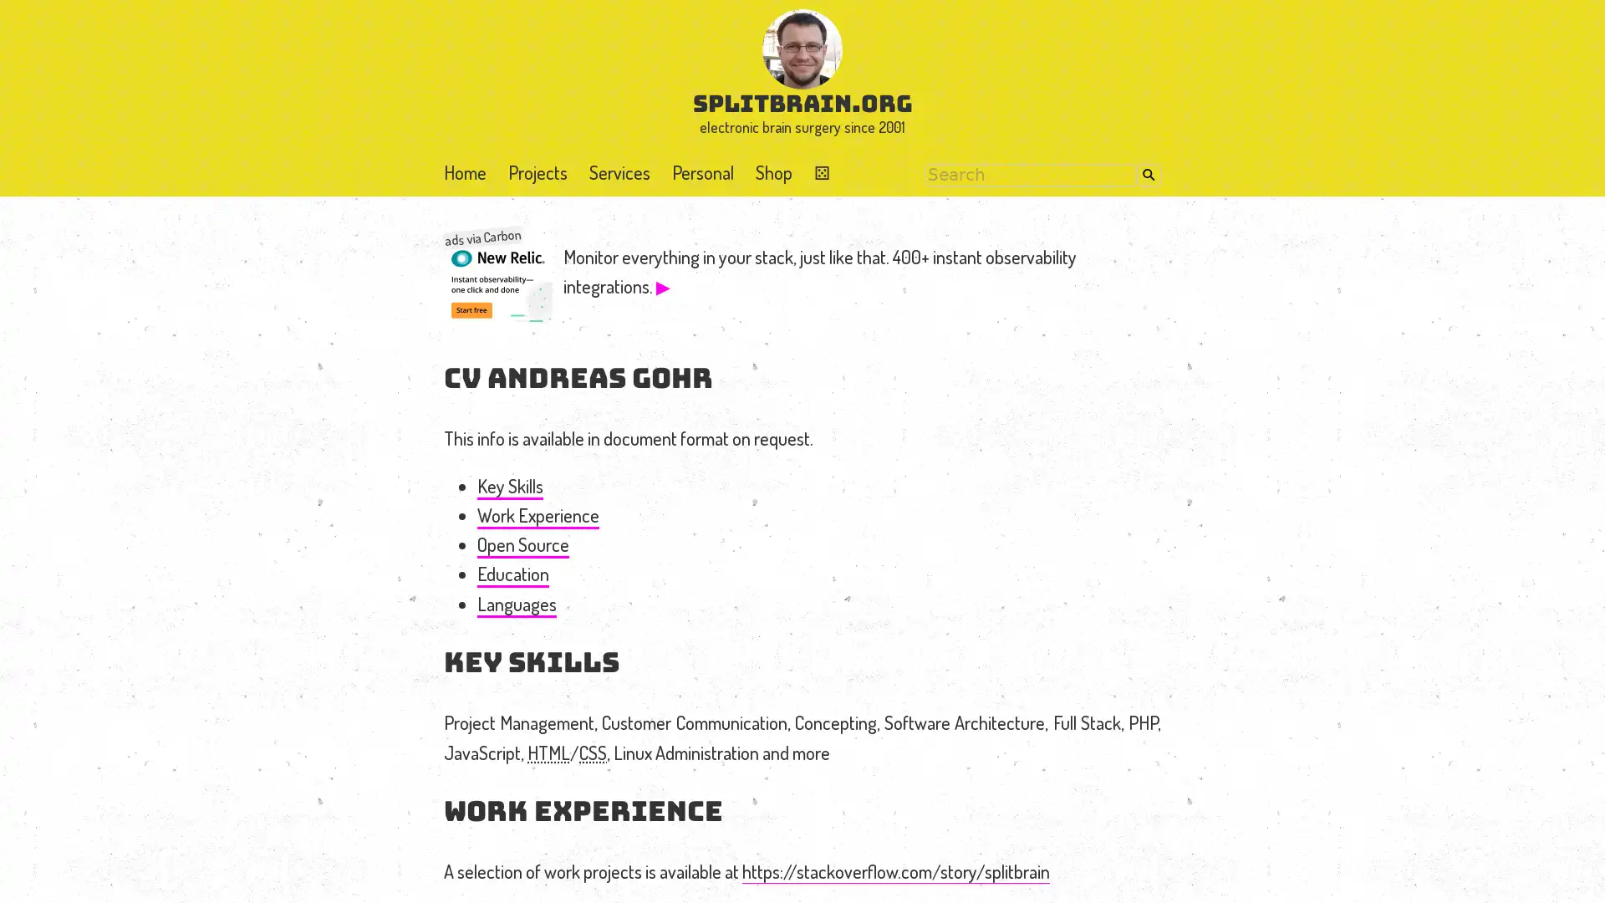 This screenshot has height=903, width=1605. What do you see at coordinates (1148, 175) in the screenshot?
I see `Search` at bounding box center [1148, 175].